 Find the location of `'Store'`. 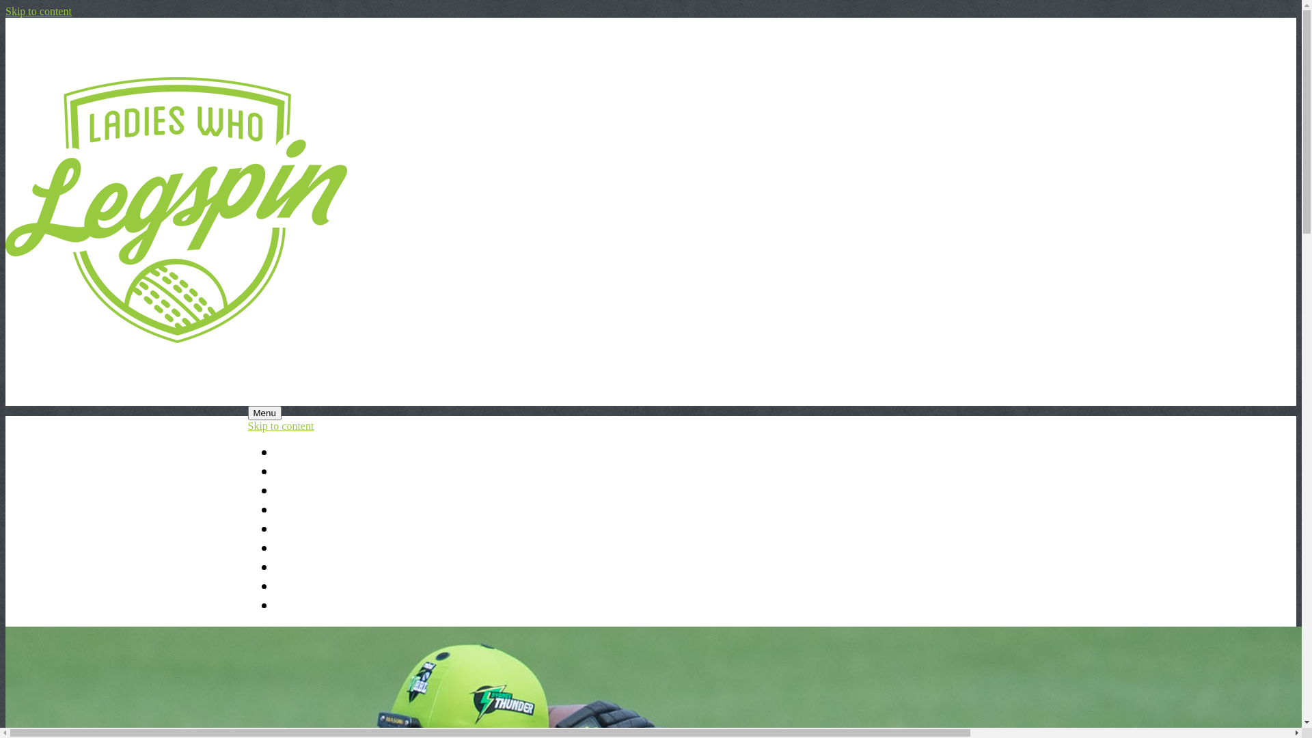

'Store' is located at coordinates (274, 605).